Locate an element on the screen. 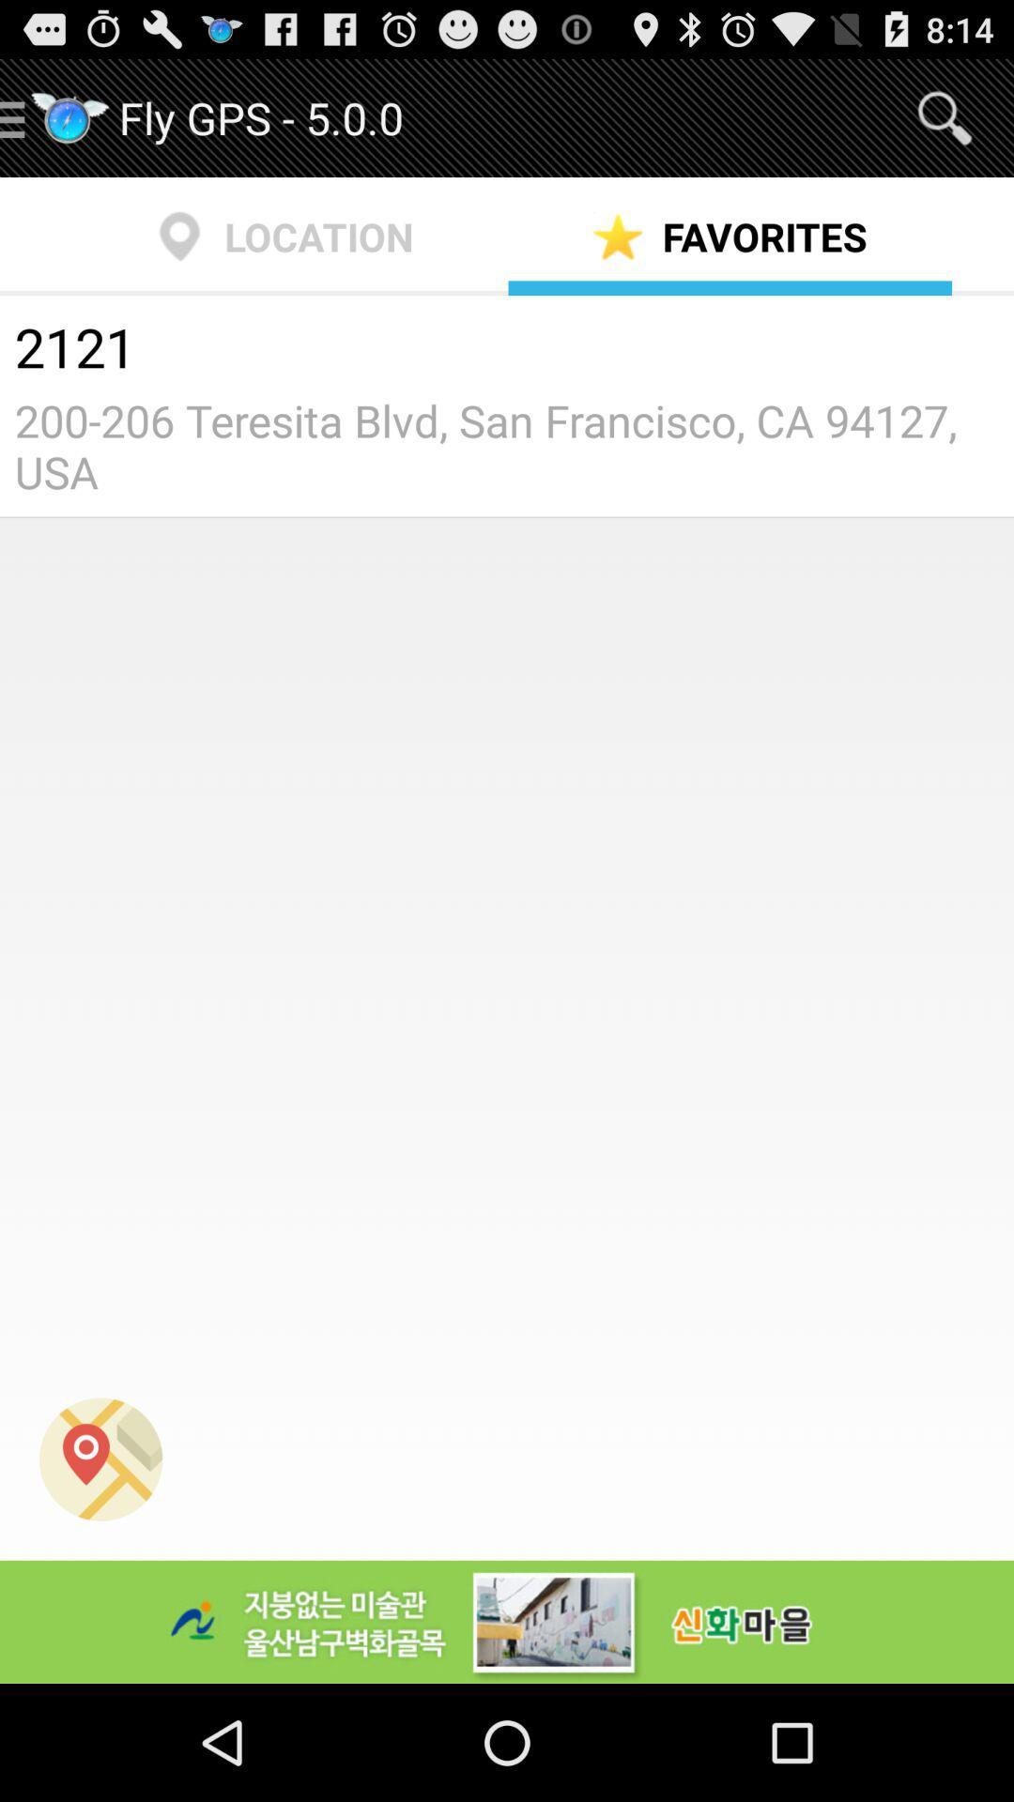 This screenshot has height=1802, width=1014. the icon next to the fly gps 5 icon is located at coordinates (945, 116).